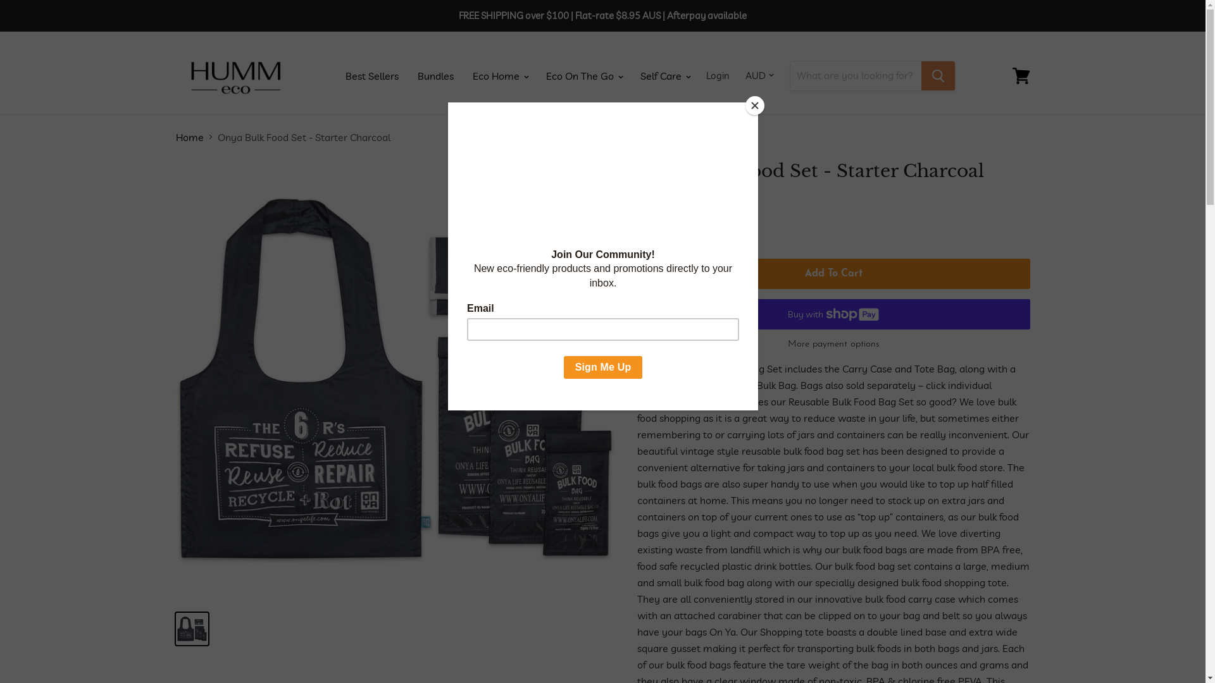  What do you see at coordinates (175, 137) in the screenshot?
I see `'Home'` at bounding box center [175, 137].